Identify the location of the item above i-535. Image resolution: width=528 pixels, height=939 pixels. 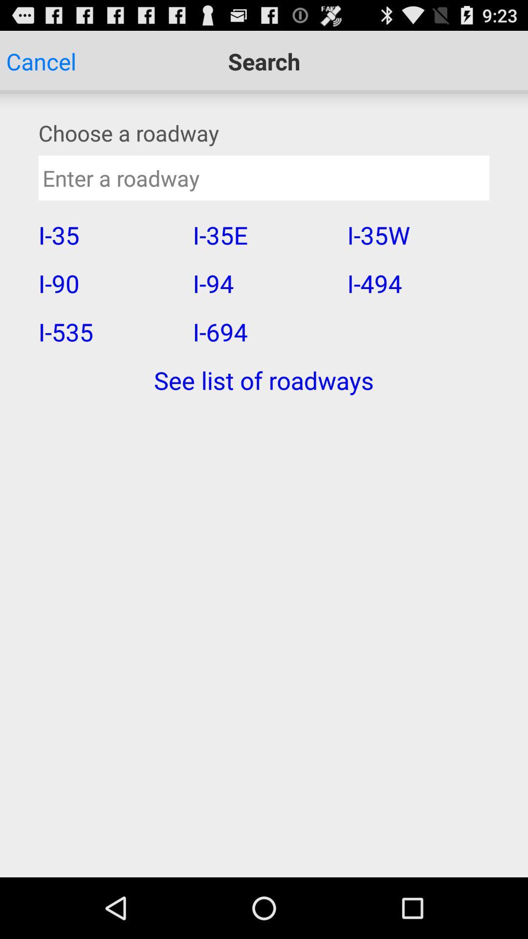
(109, 283).